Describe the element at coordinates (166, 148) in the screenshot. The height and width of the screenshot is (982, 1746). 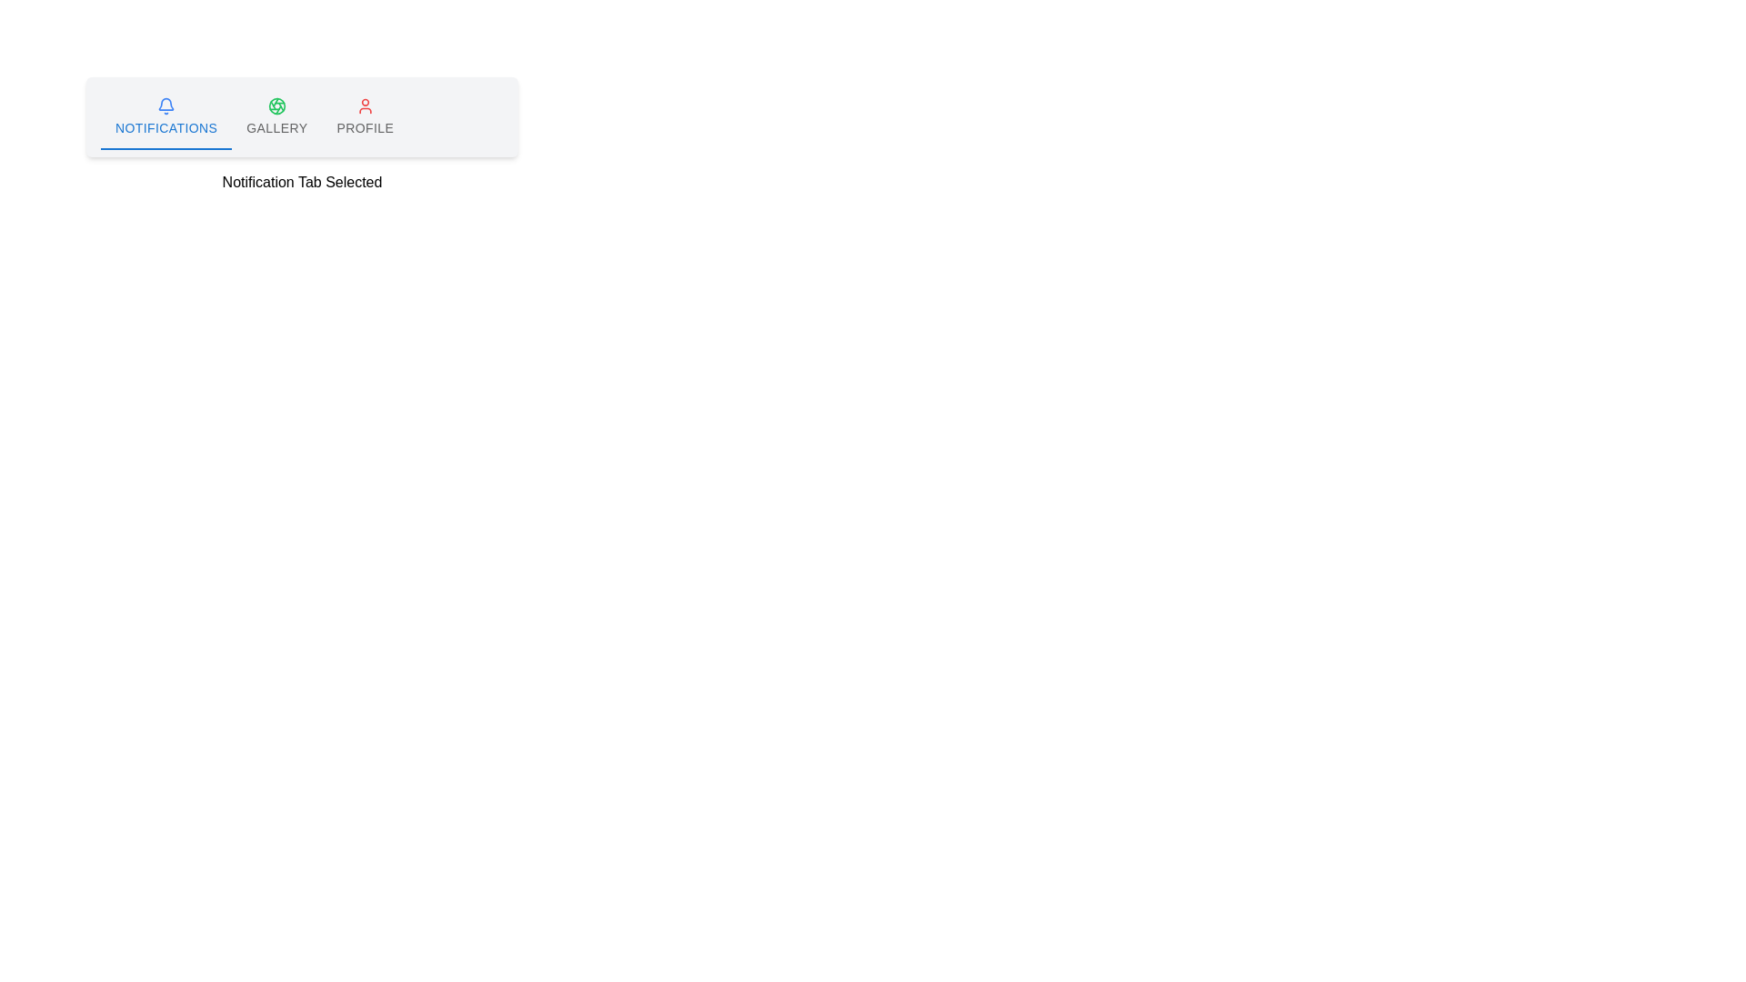
I see `the horizontal indicator bar located under the 'Notifications' tab label in the tab list of the horizontal tab bar` at that location.